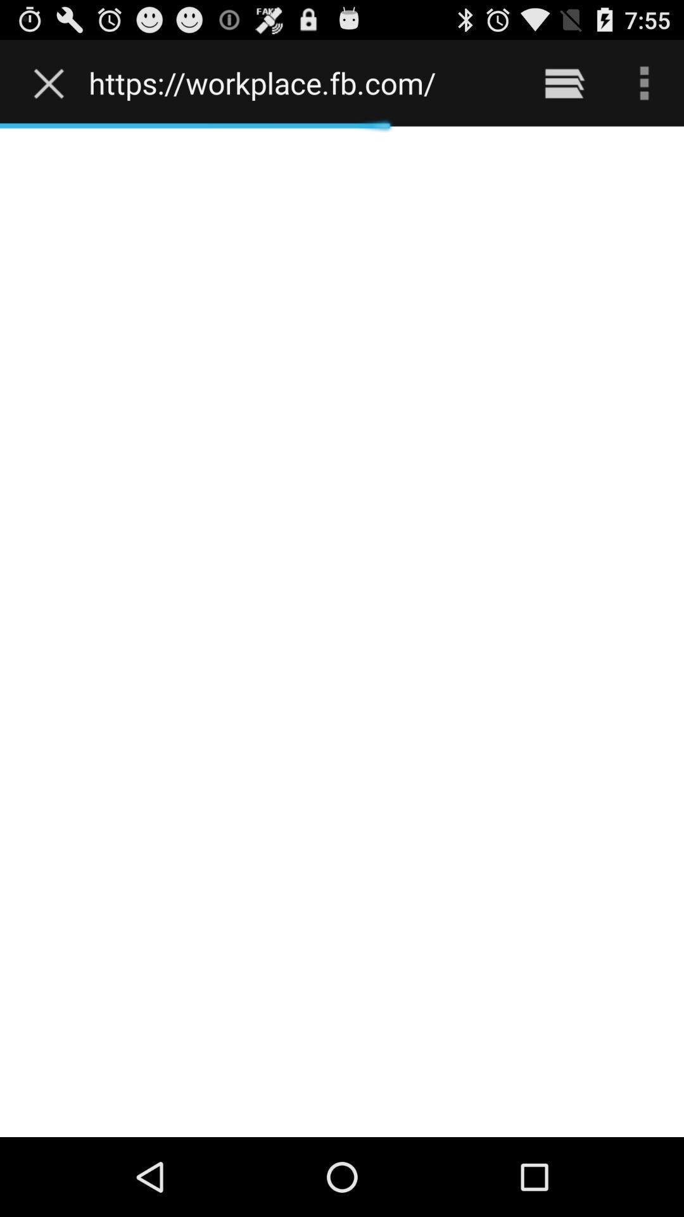 This screenshot has width=684, height=1217. I want to click on https workplace fb, so click(299, 82).